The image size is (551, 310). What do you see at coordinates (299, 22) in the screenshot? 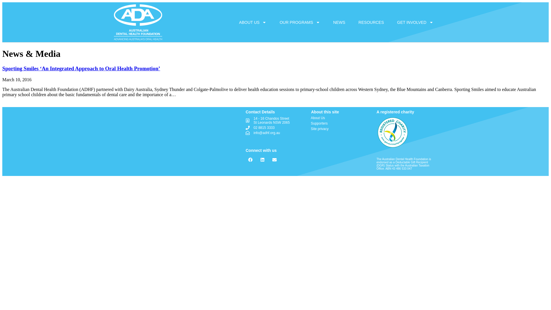
I see `'OUR PROGRAMS'` at bounding box center [299, 22].